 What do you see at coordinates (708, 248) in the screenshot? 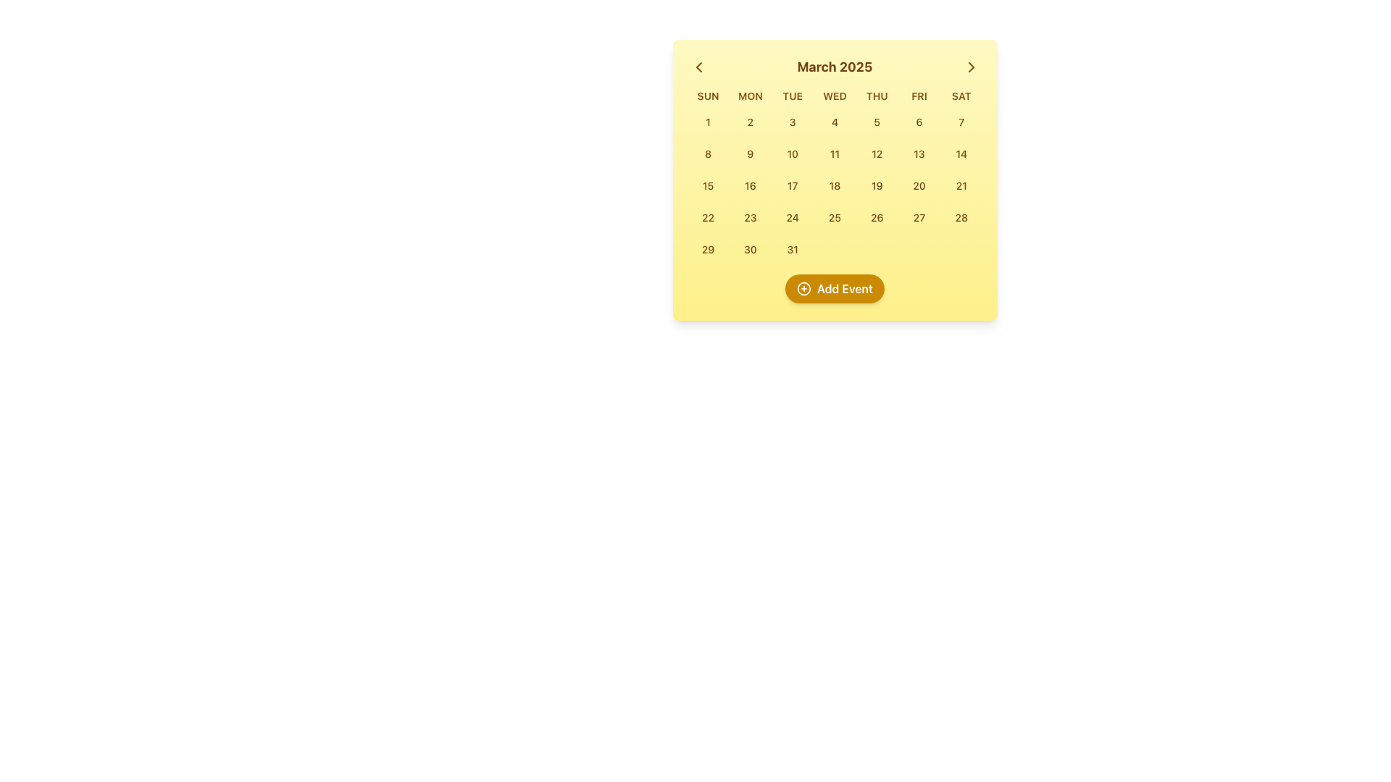
I see `the text element displaying the number '29' in dark yellow, located in the lower-right corner of the calendar grid` at bounding box center [708, 248].